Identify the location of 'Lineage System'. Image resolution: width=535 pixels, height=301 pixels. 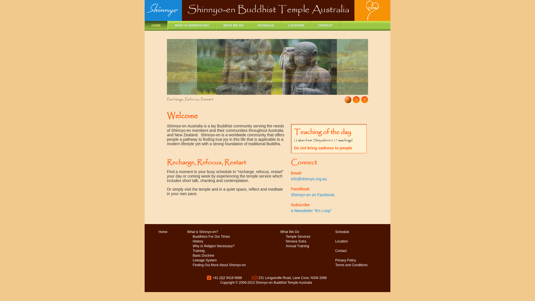
(204, 260).